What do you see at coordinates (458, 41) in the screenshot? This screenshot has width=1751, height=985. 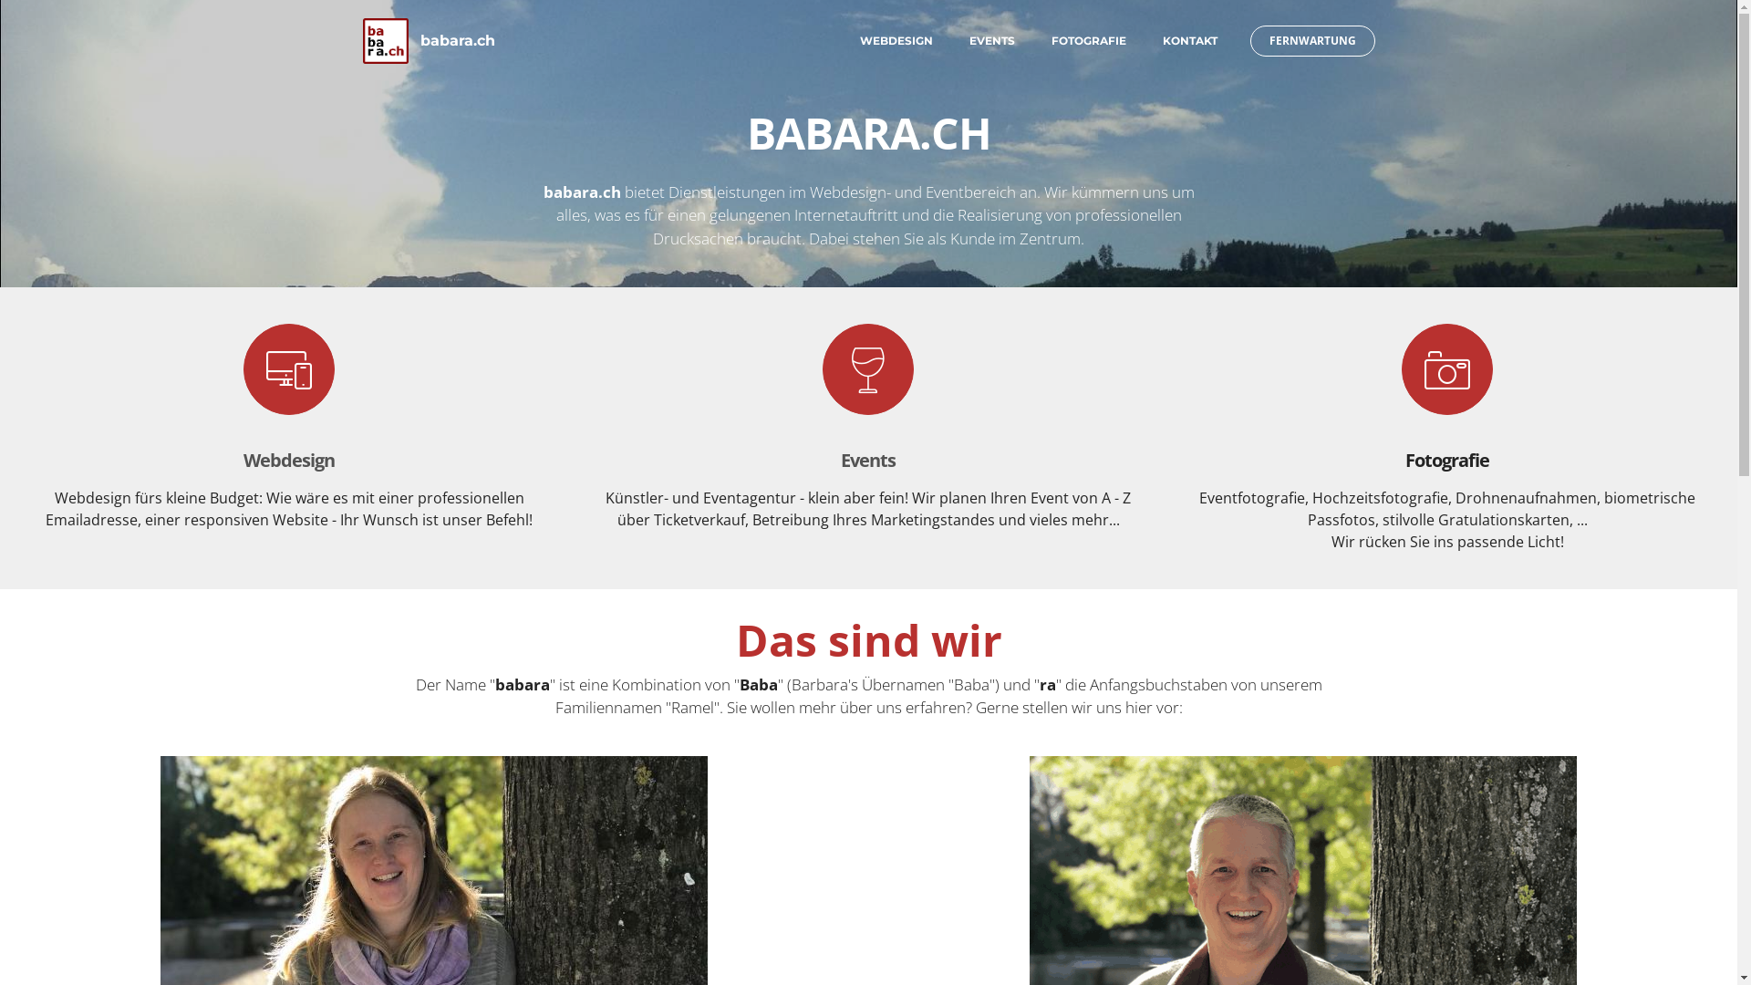 I see `'babara.ch'` at bounding box center [458, 41].